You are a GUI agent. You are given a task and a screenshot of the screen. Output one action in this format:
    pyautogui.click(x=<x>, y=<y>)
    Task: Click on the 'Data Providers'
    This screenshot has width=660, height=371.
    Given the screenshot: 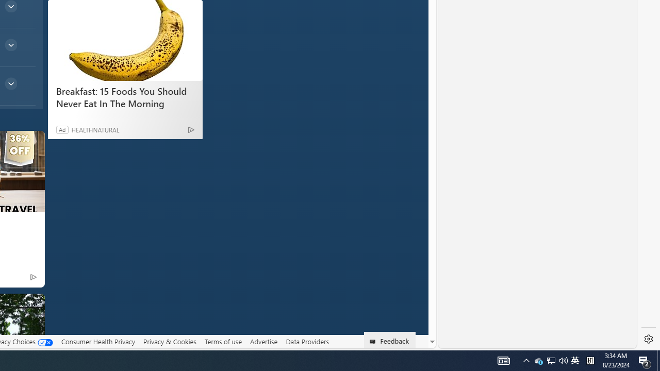 What is the action you would take?
    pyautogui.click(x=306, y=341)
    